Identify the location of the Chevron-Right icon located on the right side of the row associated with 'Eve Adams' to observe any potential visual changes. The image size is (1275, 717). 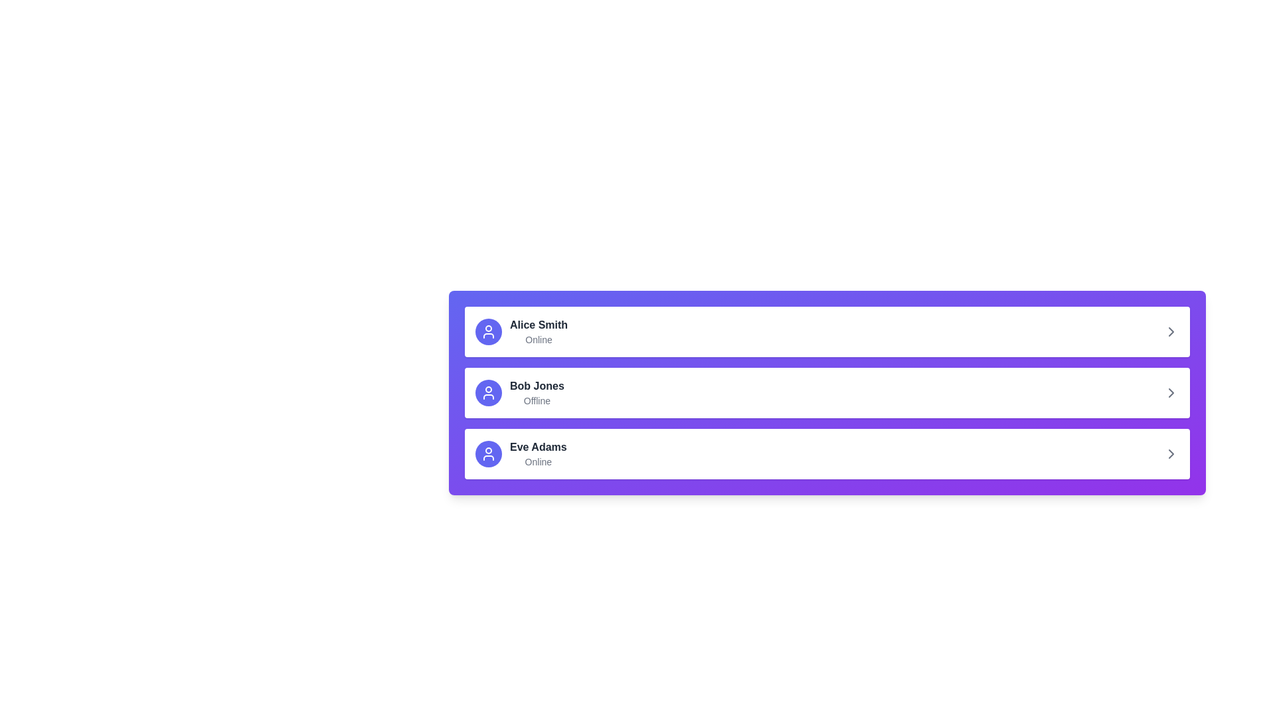
(1171, 453).